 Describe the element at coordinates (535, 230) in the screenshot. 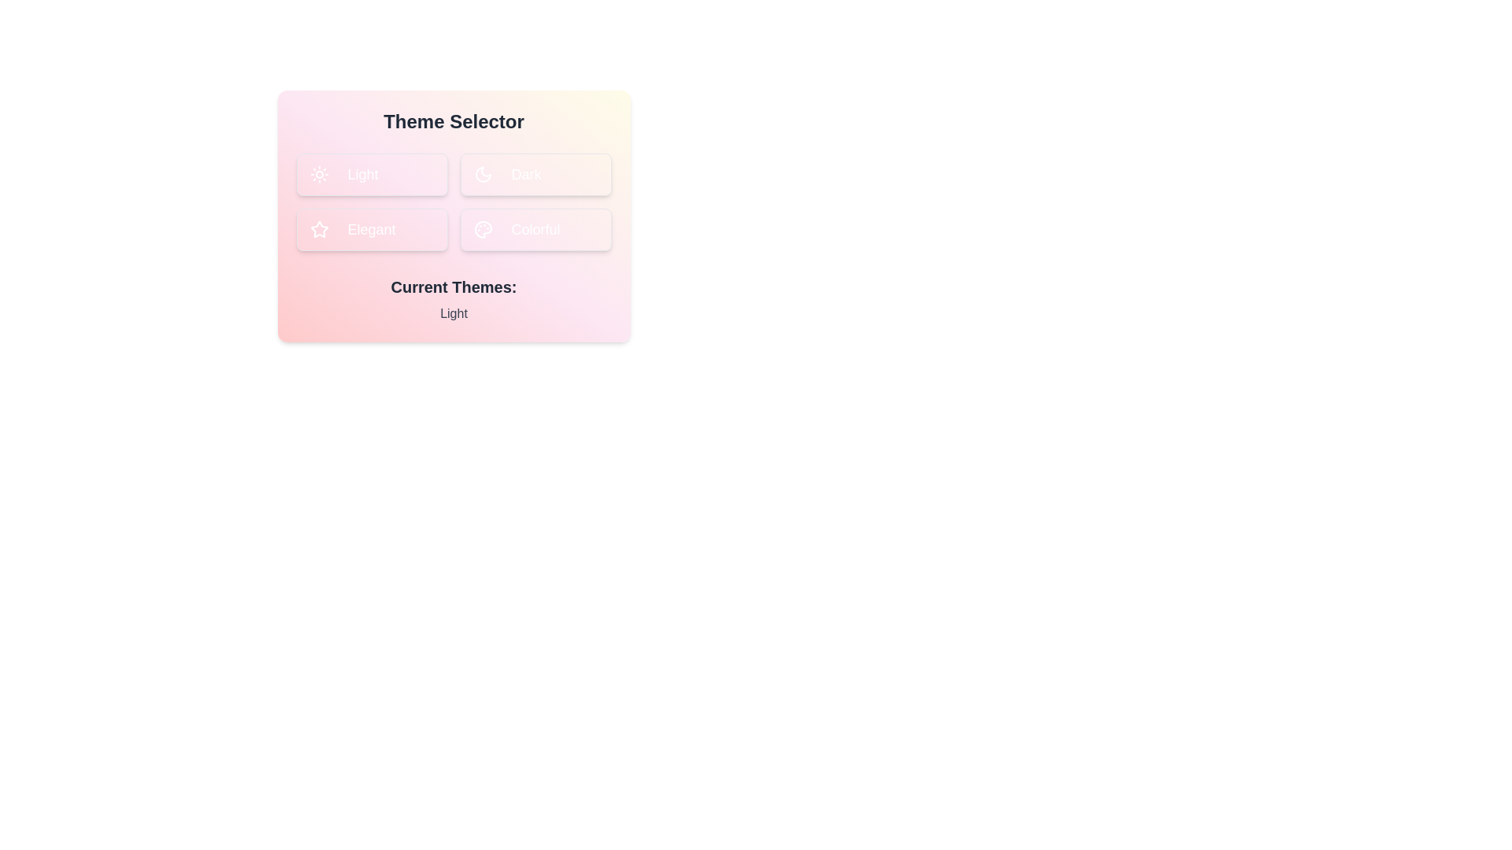

I see `the 'Colorful' theme button, which is the fourth button in a grid layout, located in the second row and second column` at that location.